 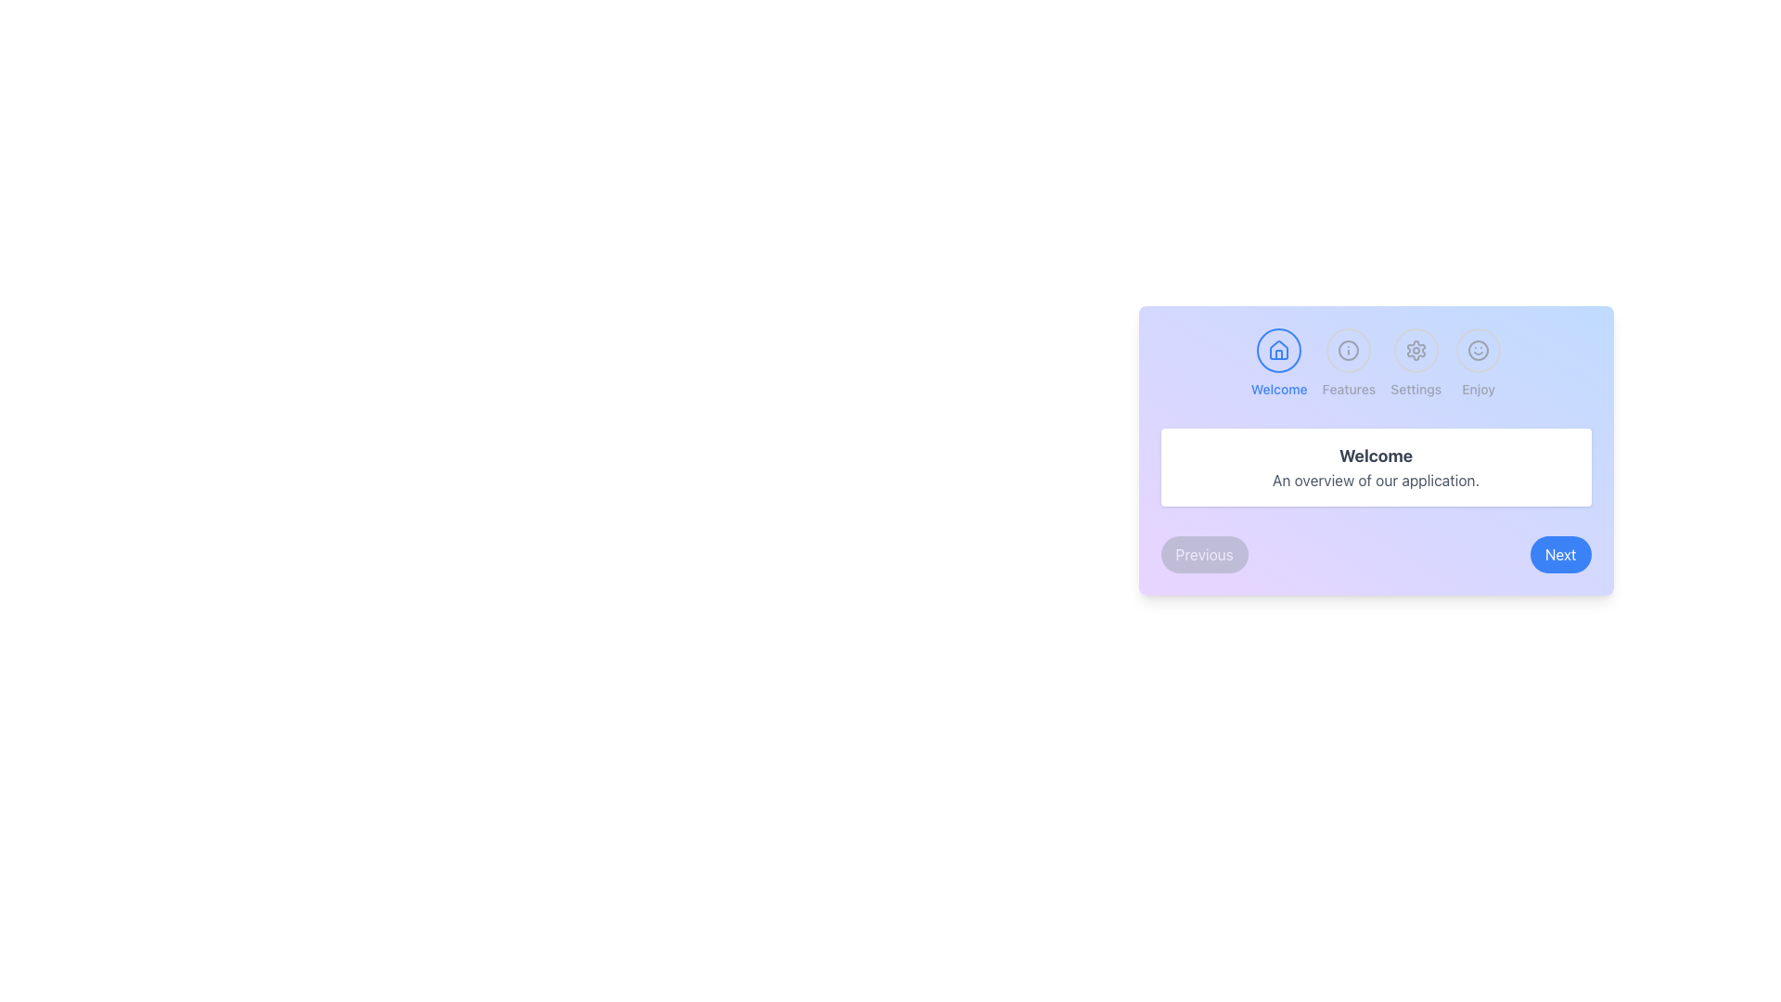 I want to click on the settings icon button located in the toolbar, so click(x=1415, y=351).